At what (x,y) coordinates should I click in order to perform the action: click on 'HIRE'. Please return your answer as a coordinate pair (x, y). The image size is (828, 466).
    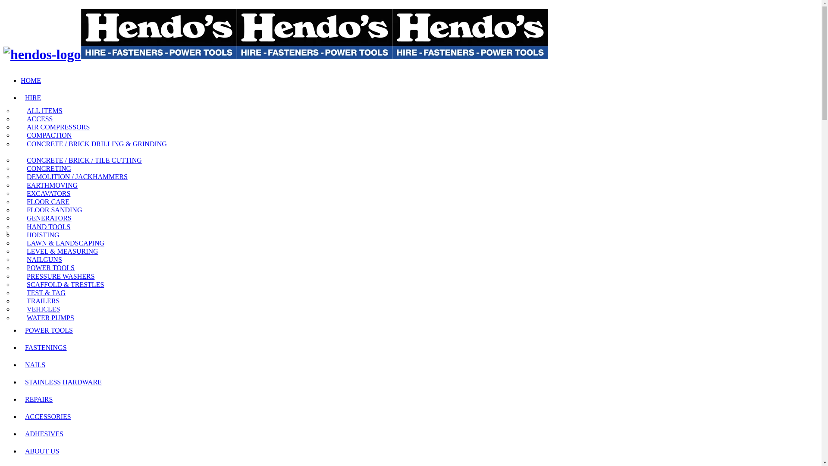
    Looking at the image, I should click on (21, 97).